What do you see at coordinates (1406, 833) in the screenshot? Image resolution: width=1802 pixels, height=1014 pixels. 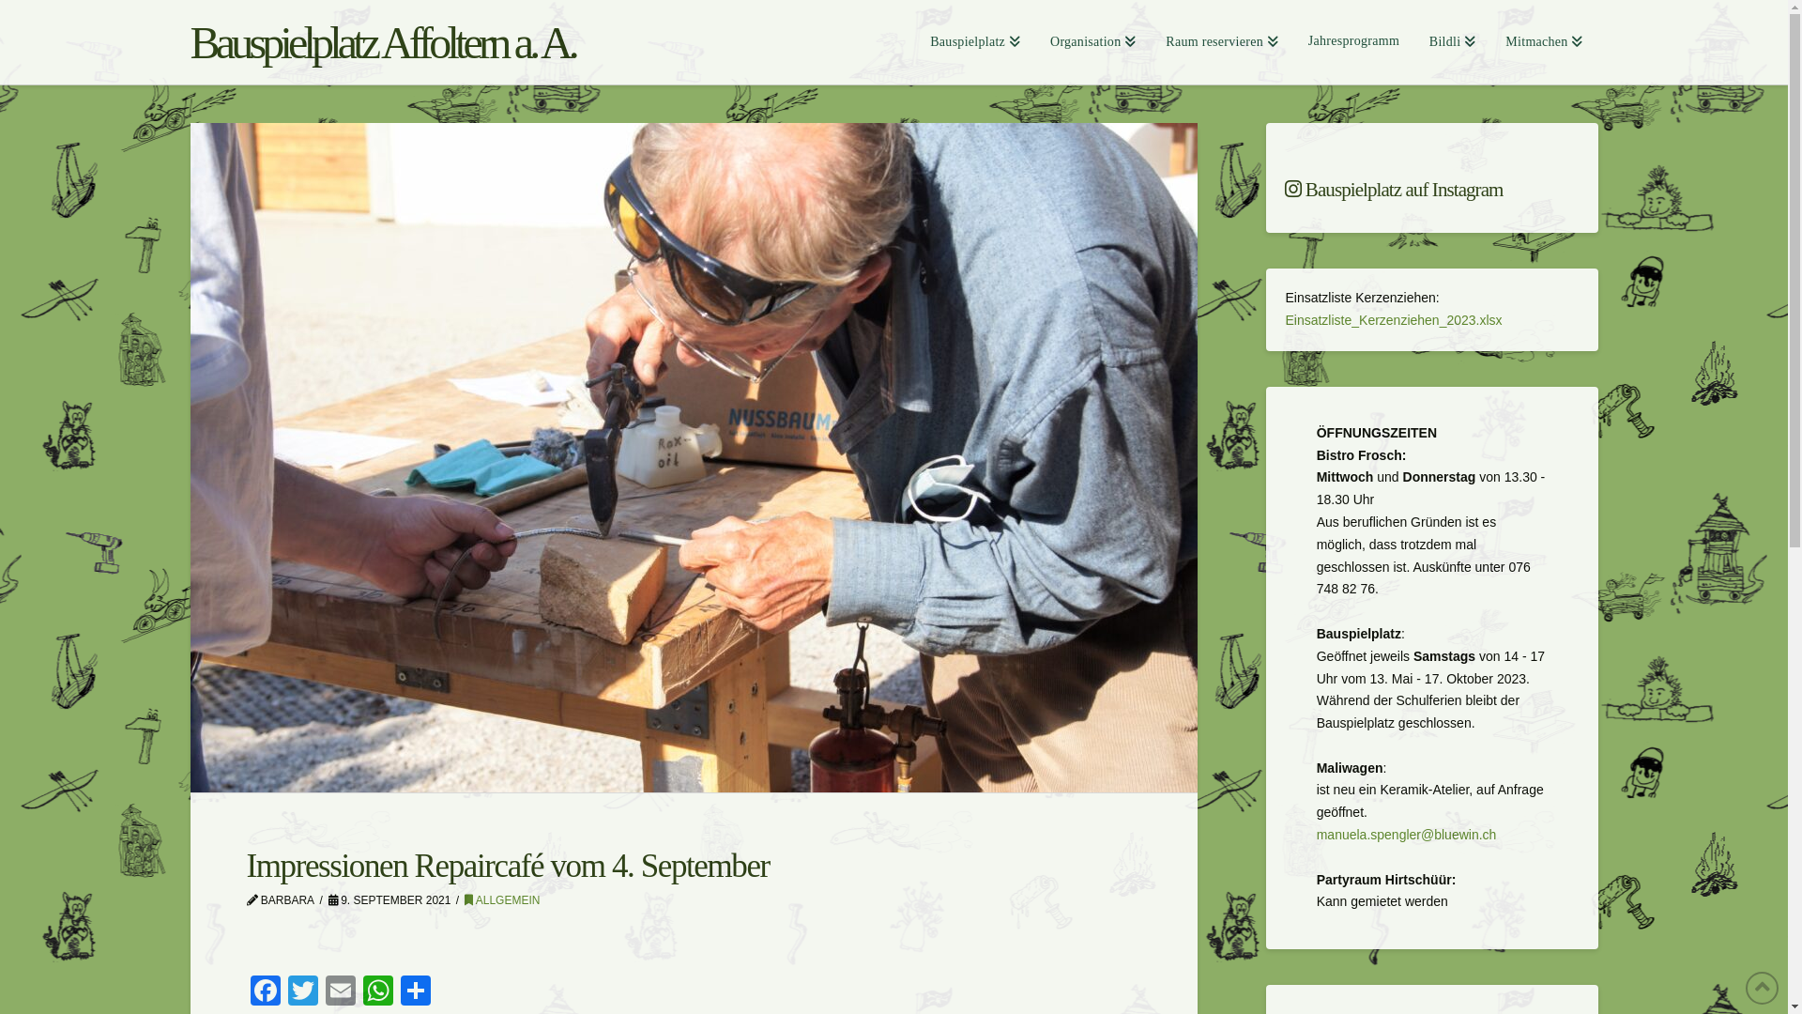 I see `'manuela.spengler@bluewin.ch'` at bounding box center [1406, 833].